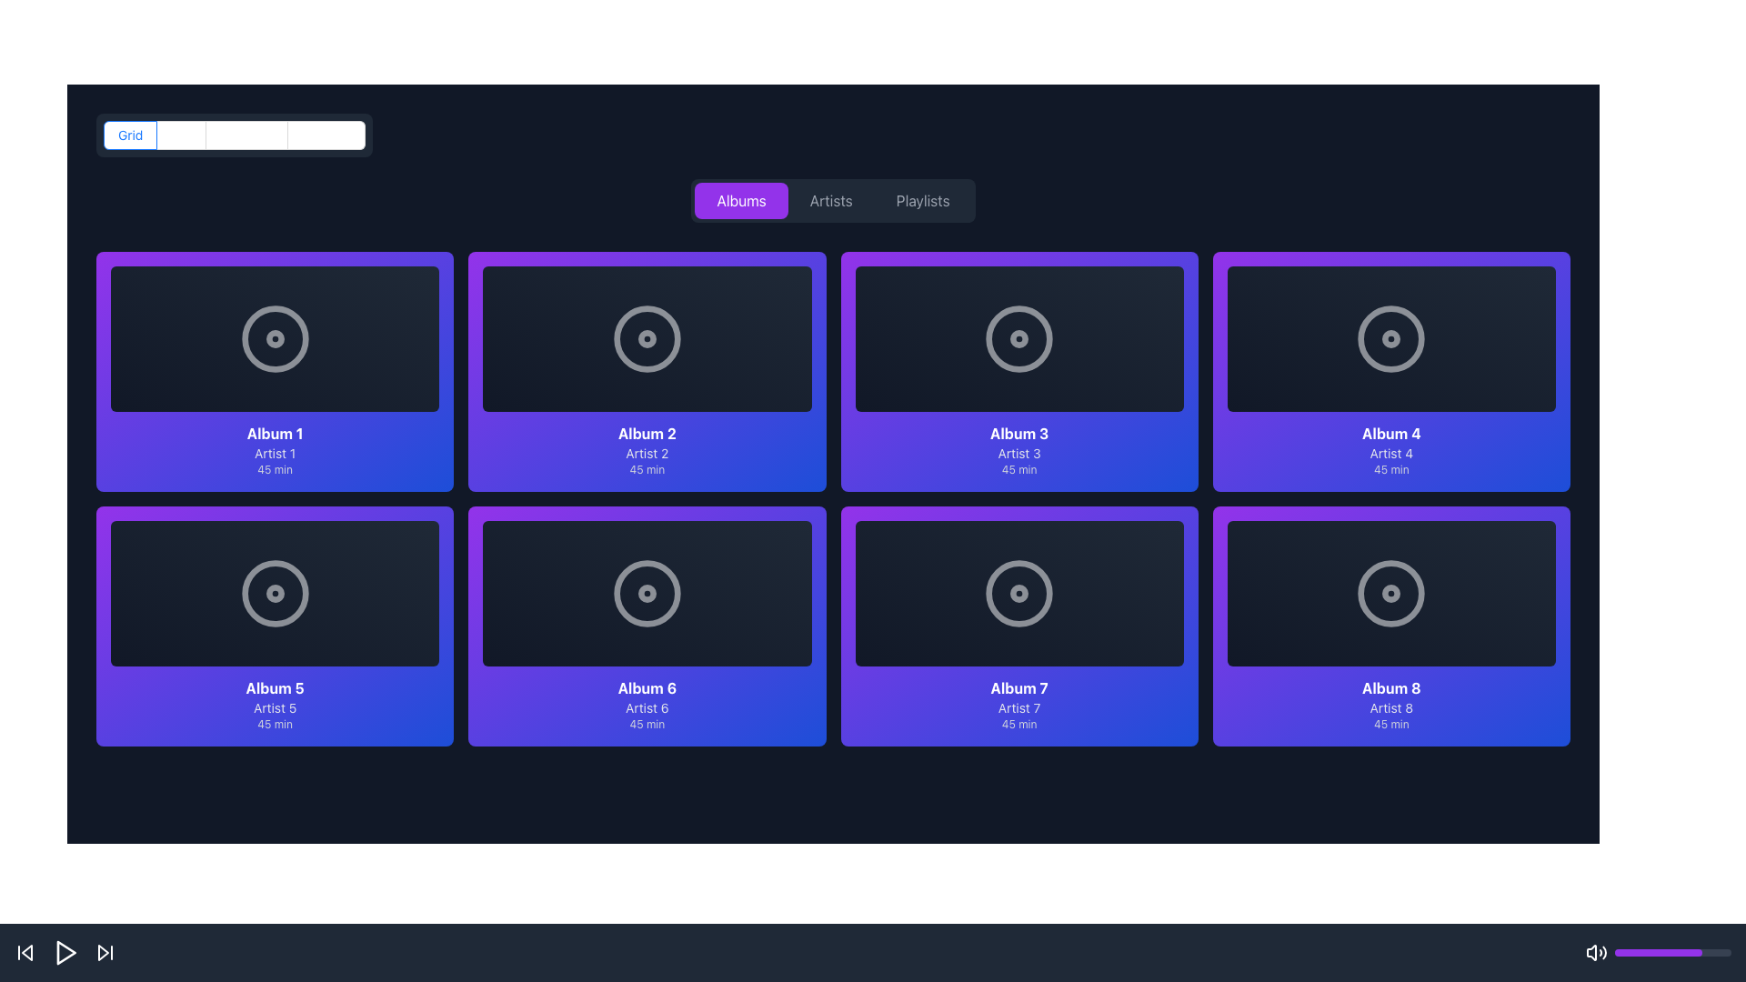 The width and height of the screenshot is (1746, 982). What do you see at coordinates (66, 952) in the screenshot?
I see `the triangular play icon button located on the dark control bar to play media` at bounding box center [66, 952].